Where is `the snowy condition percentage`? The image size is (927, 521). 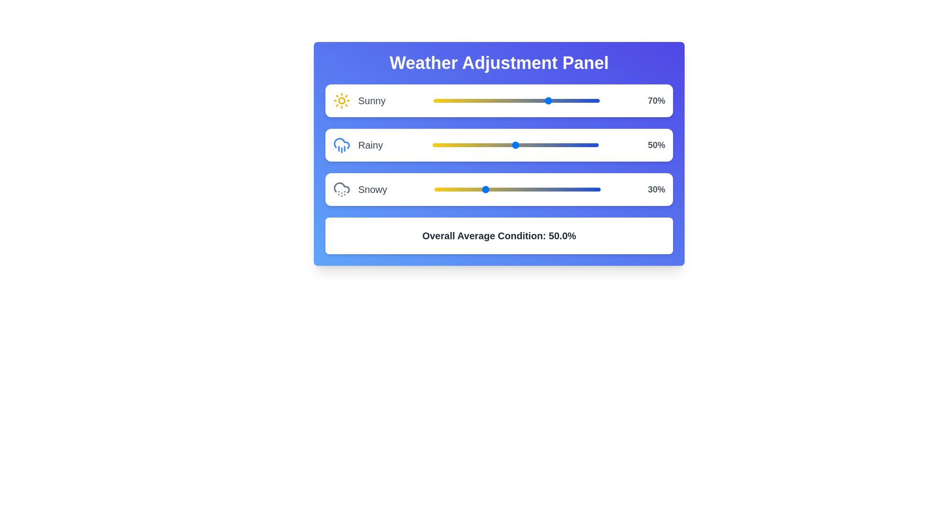
the snowy condition percentage is located at coordinates (515, 190).